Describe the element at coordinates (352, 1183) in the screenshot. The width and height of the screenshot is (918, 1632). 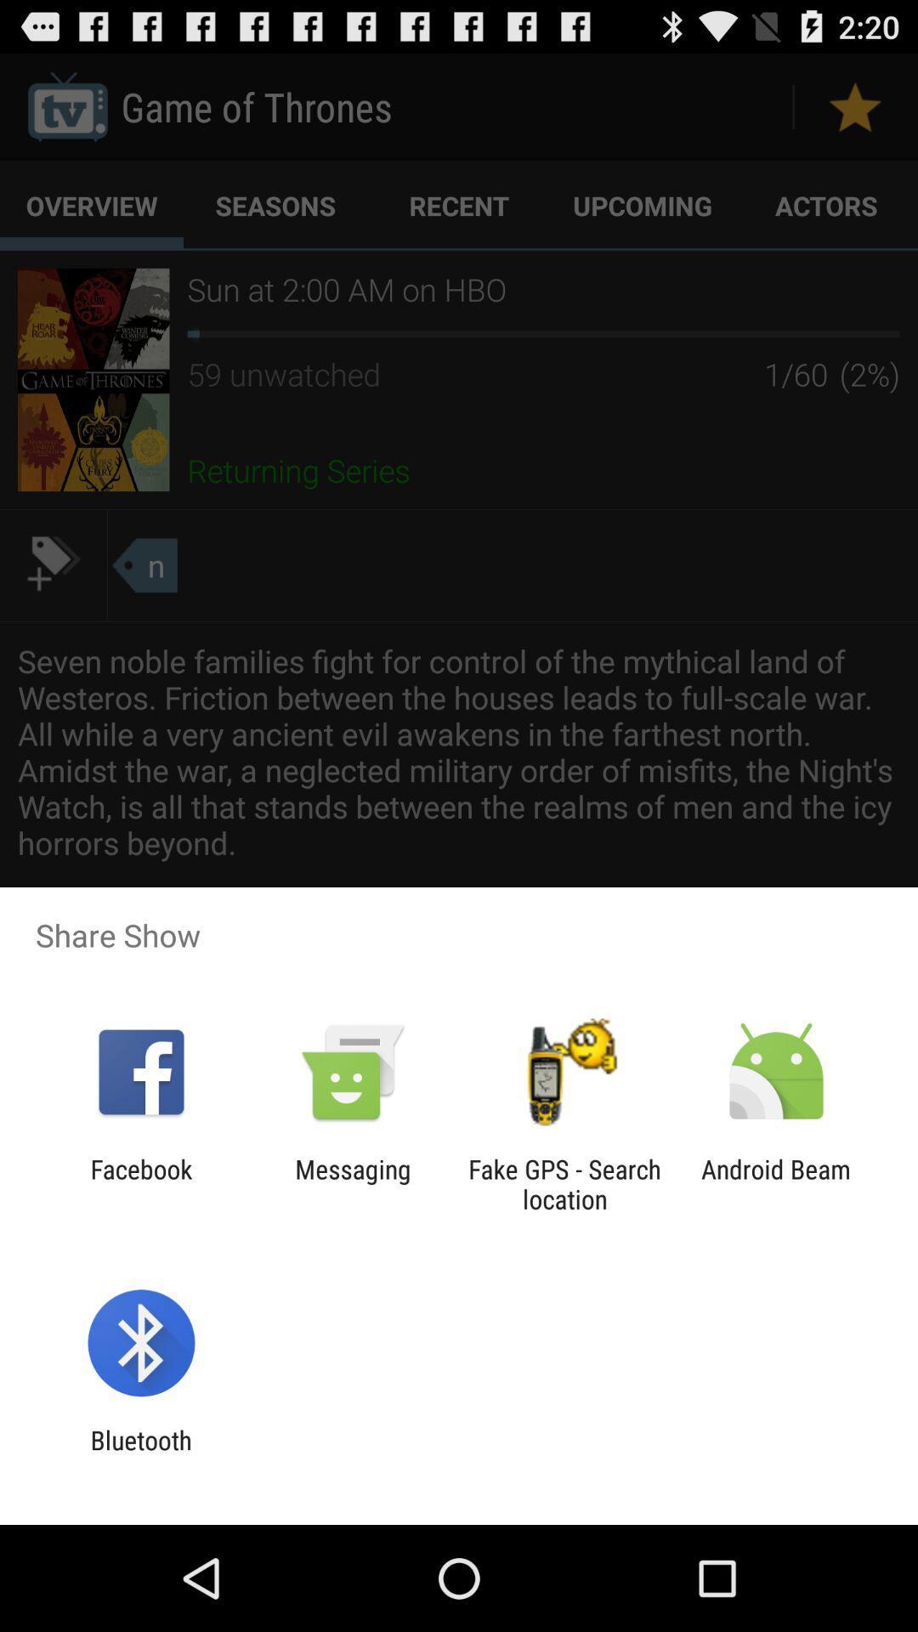
I see `the messaging item` at that location.